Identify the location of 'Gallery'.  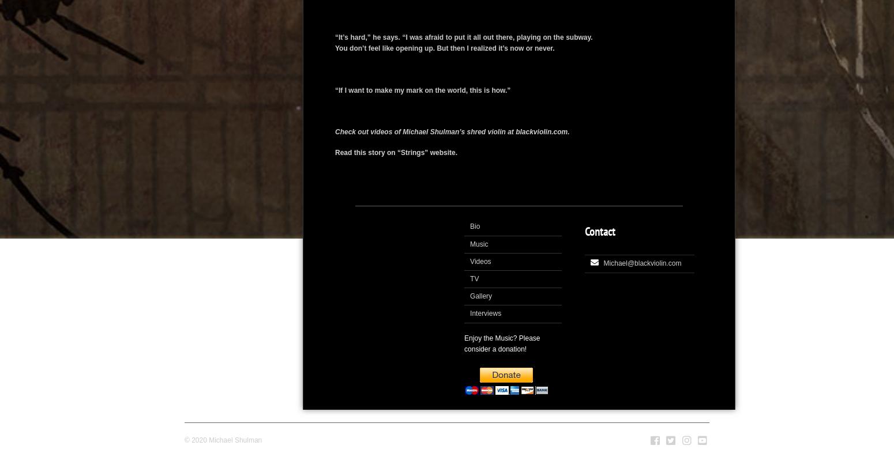
(480, 296).